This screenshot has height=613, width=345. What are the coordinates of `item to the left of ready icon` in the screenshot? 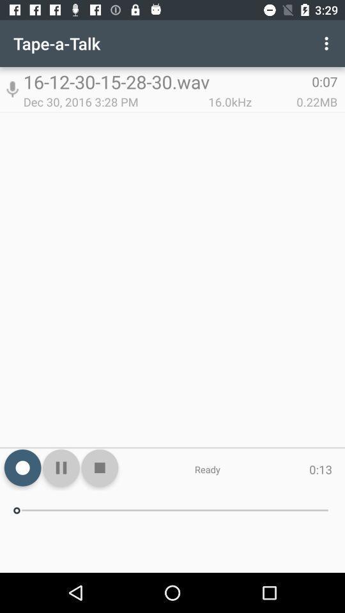 It's located at (99, 467).